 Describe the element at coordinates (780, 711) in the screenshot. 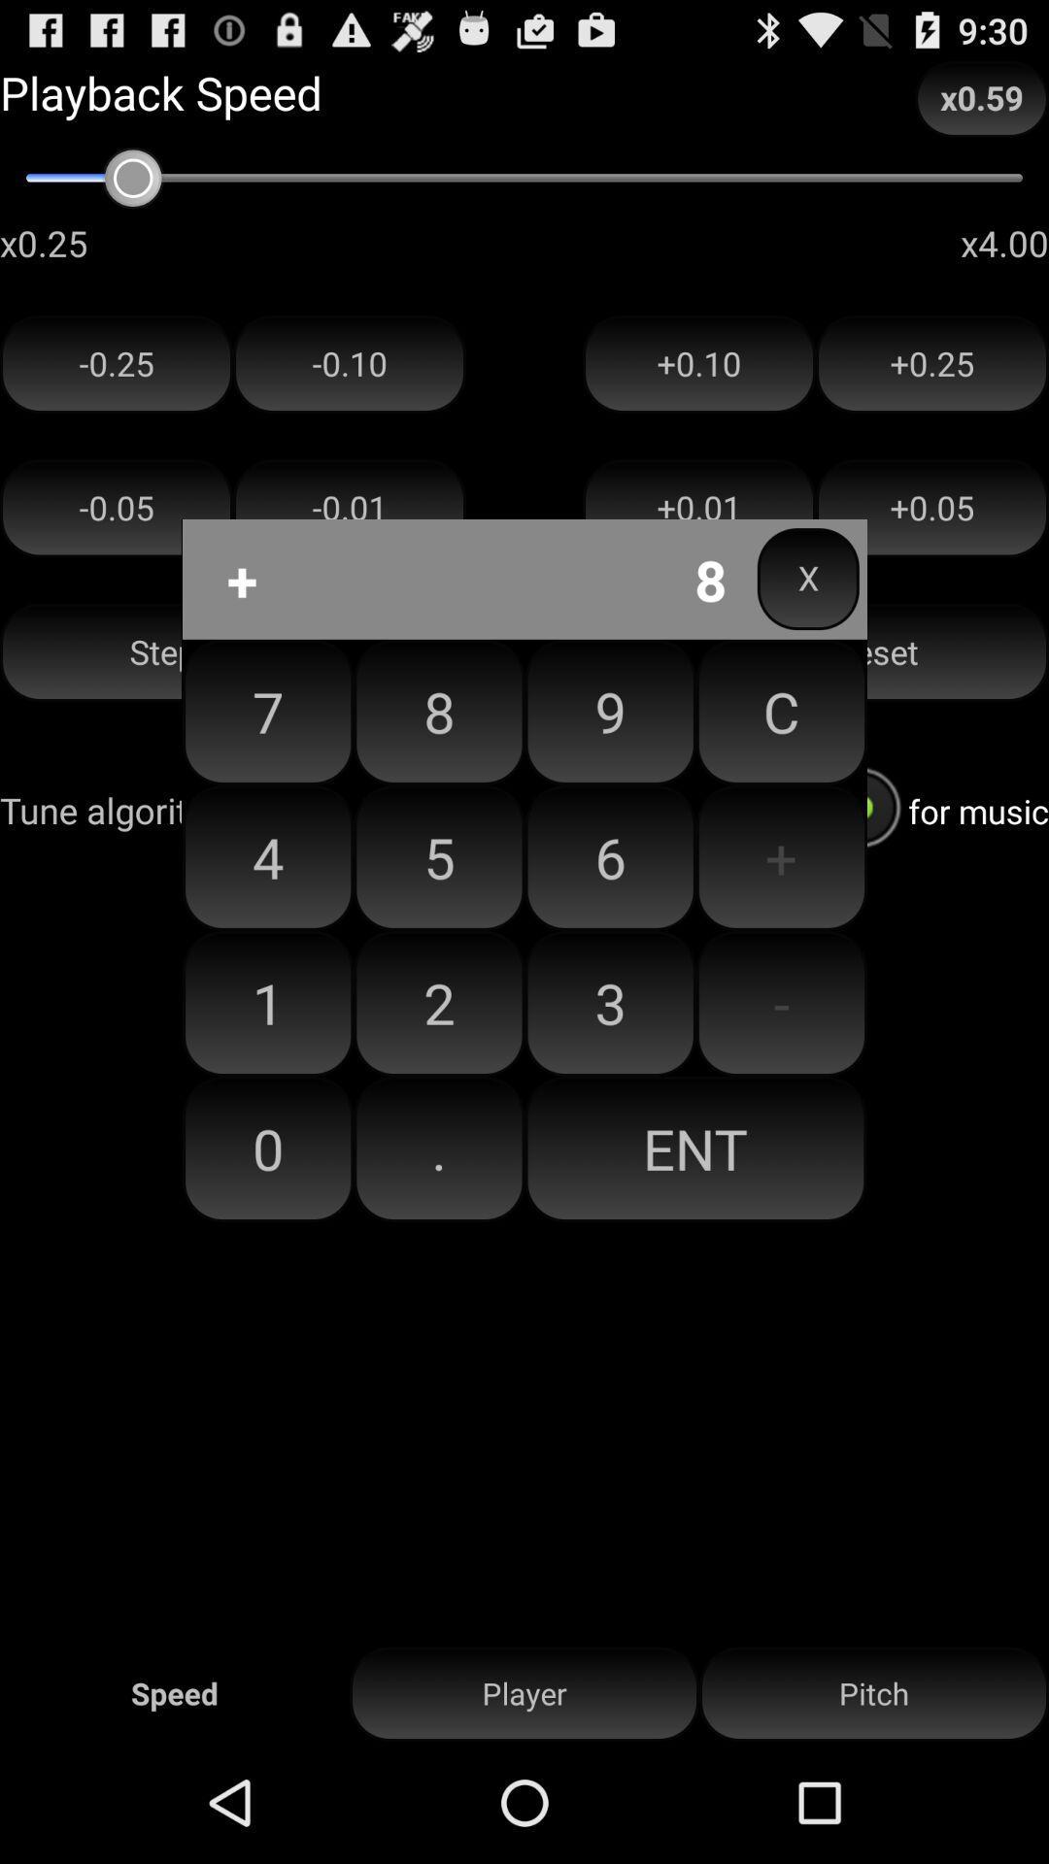

I see `icon next to 9 item` at that location.